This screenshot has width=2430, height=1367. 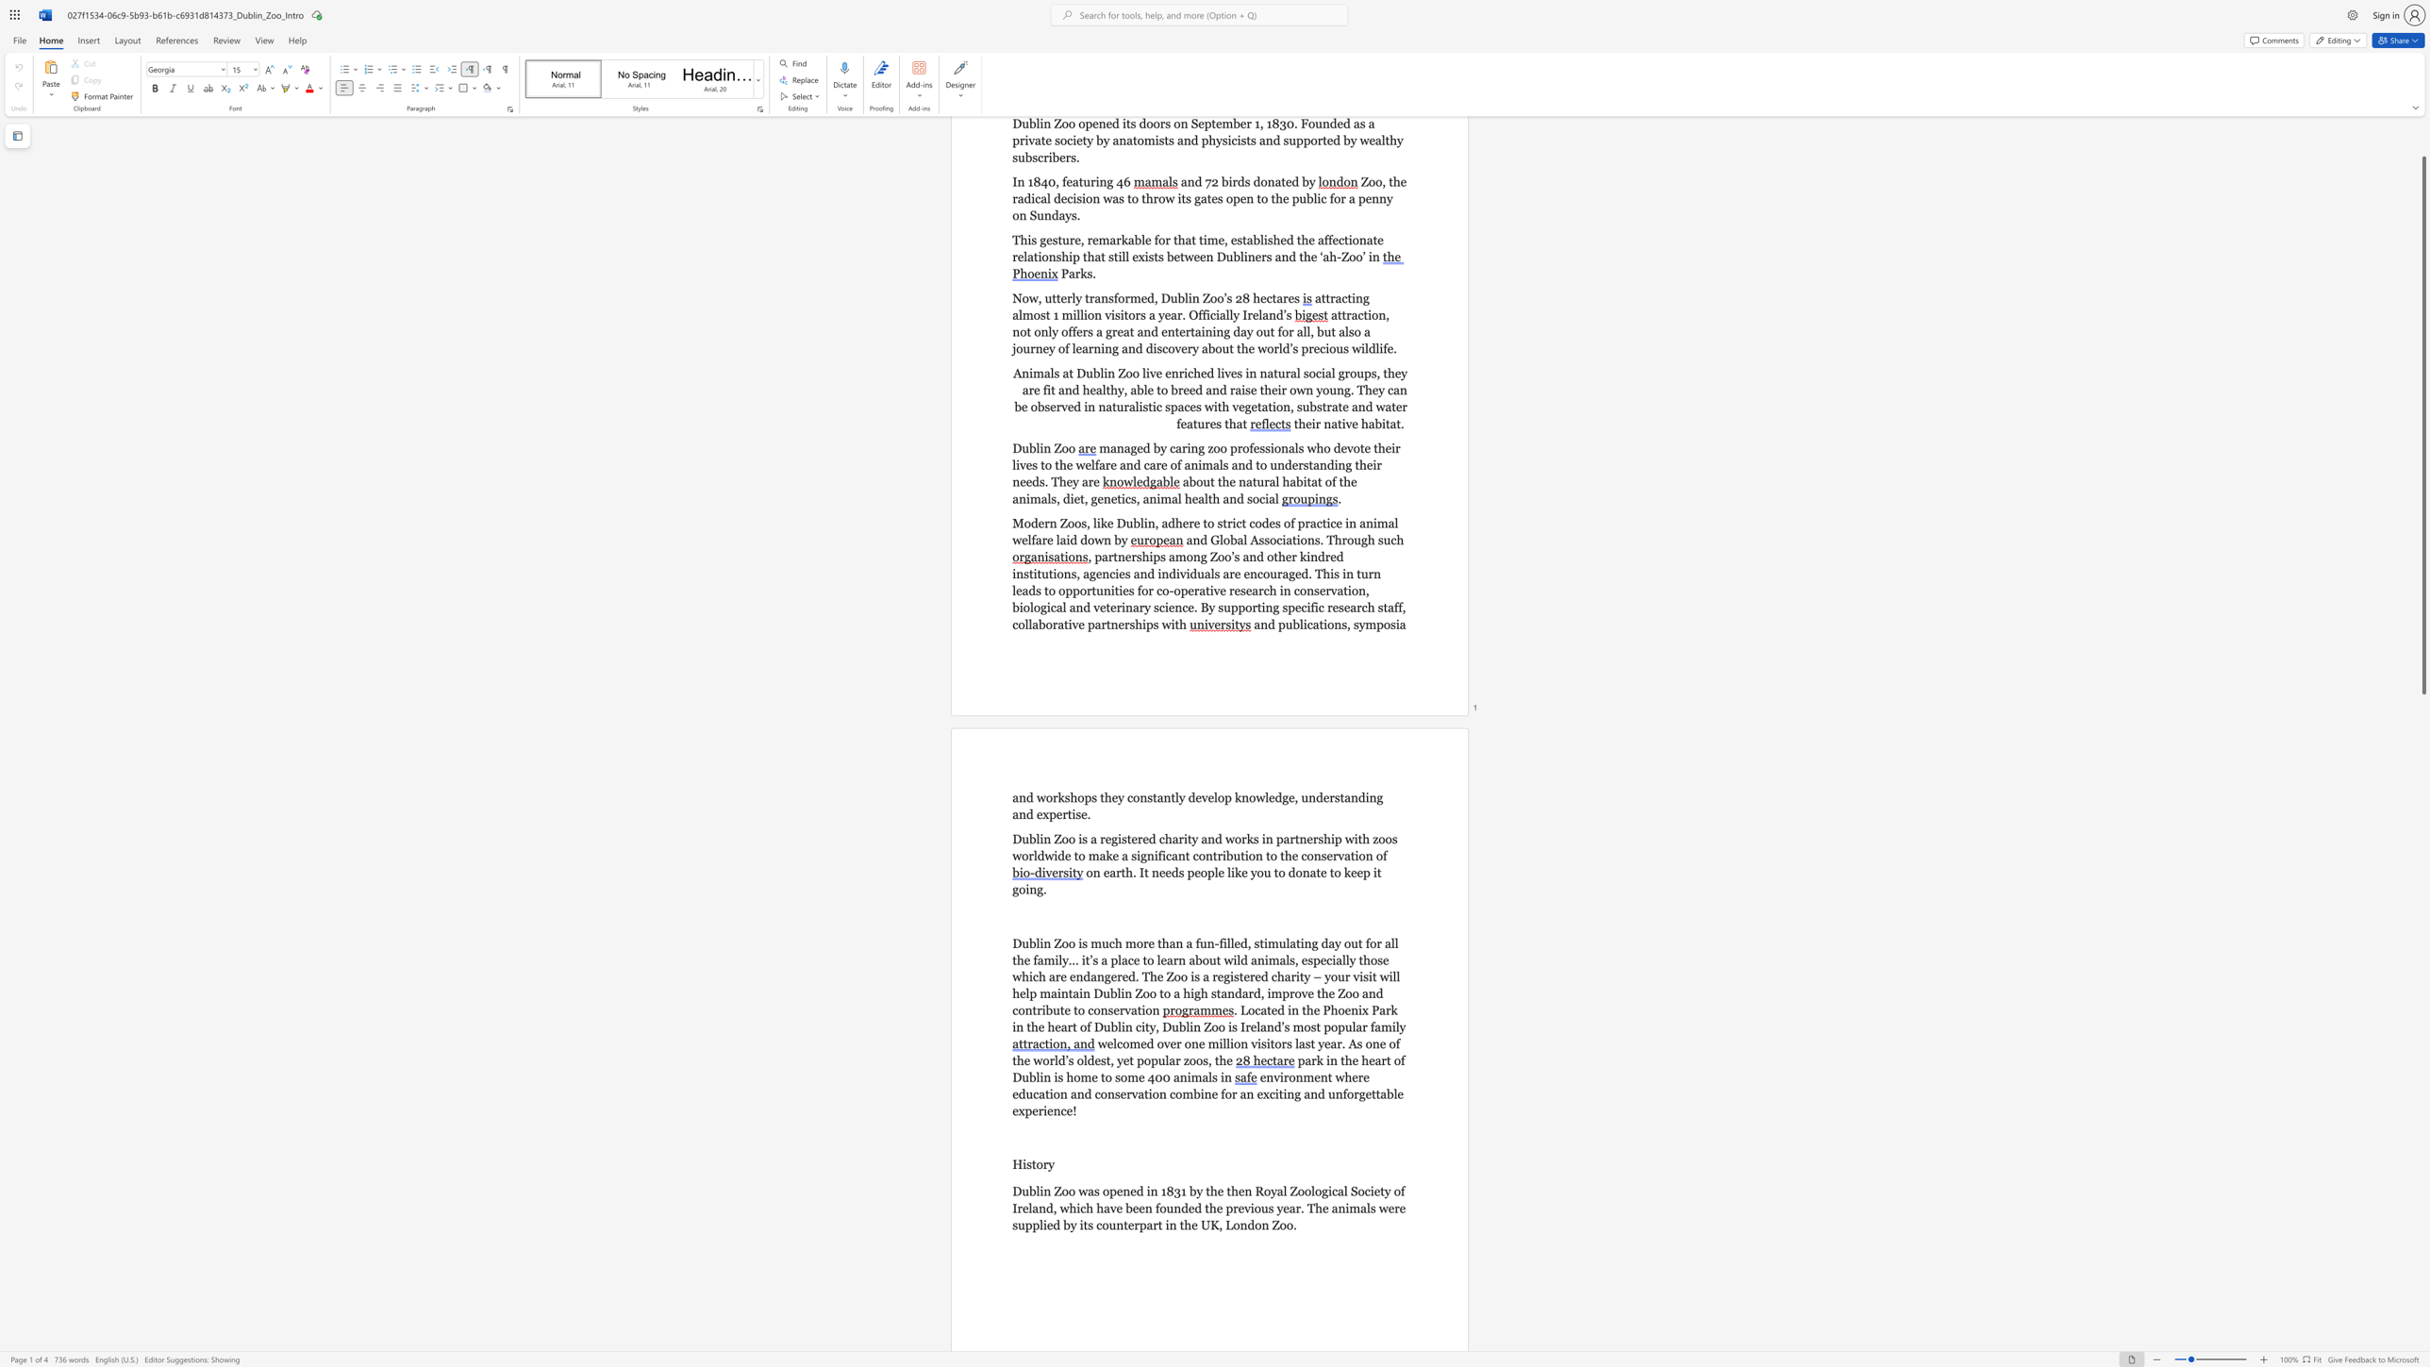 What do you see at coordinates (1155, 1076) in the screenshot?
I see `the subset text "00 animals" within the text "park in the heart of Dublin is home to some 400 animals in"` at bounding box center [1155, 1076].